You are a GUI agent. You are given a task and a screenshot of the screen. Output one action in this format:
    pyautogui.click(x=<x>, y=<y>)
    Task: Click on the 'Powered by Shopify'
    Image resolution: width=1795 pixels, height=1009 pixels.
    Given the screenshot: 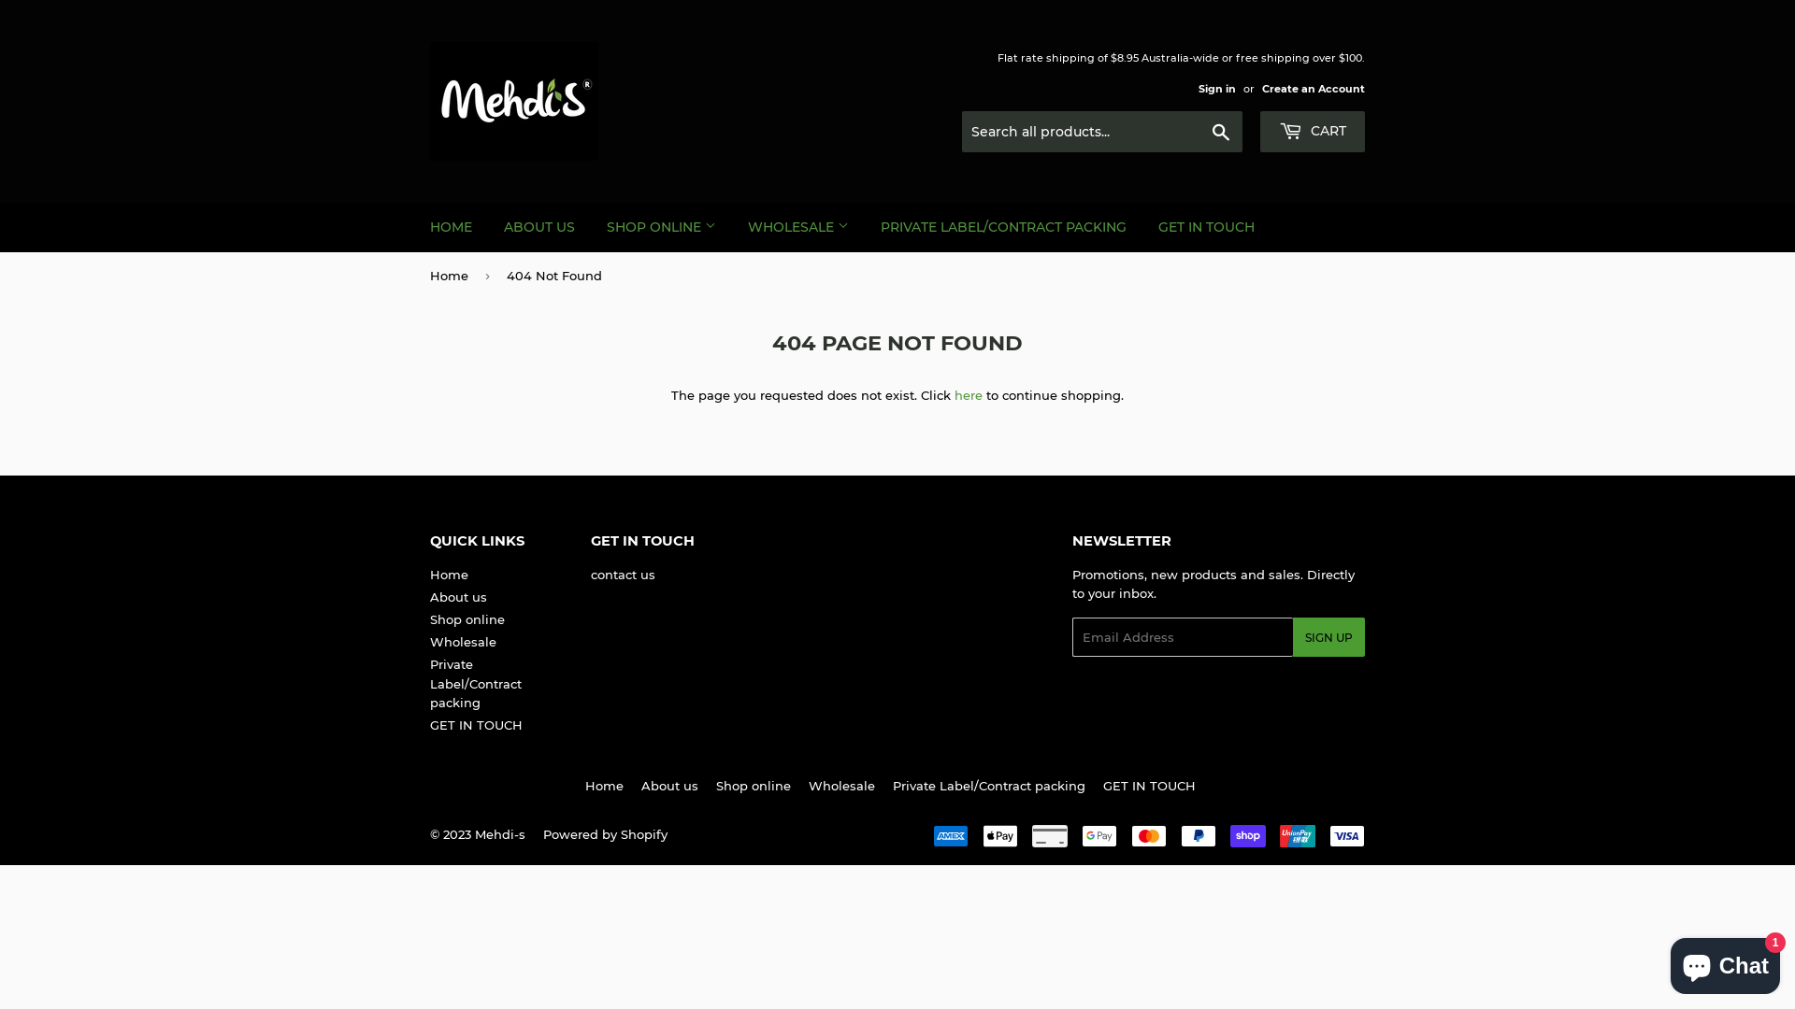 What is the action you would take?
    pyautogui.click(x=541, y=833)
    